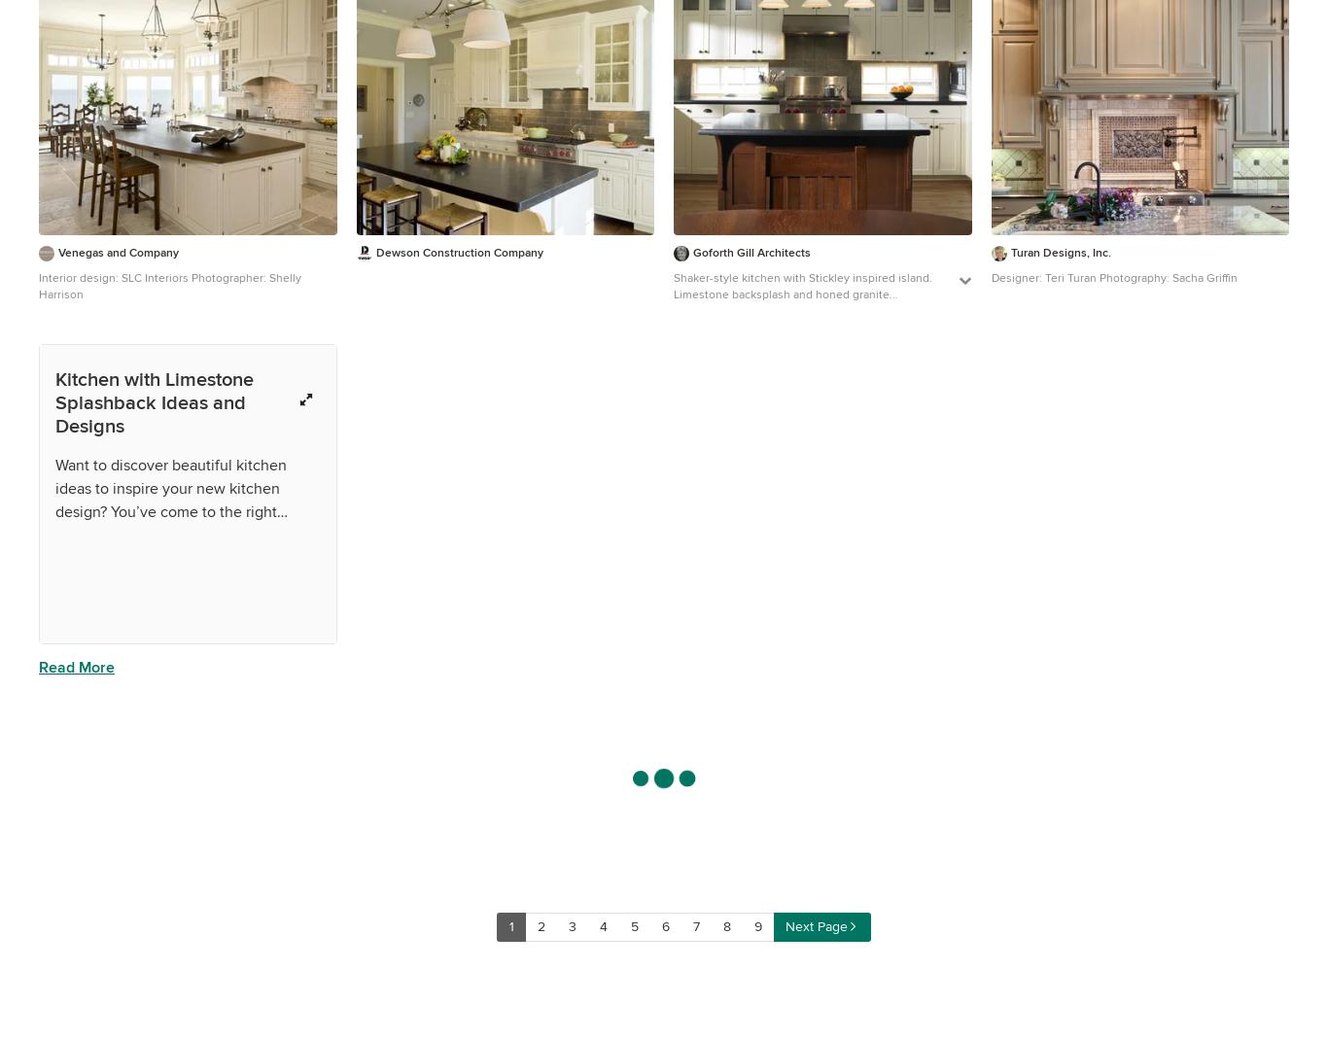  What do you see at coordinates (179, 541) in the screenshot?
I see `'What kind of kitchen design should I go for?'` at bounding box center [179, 541].